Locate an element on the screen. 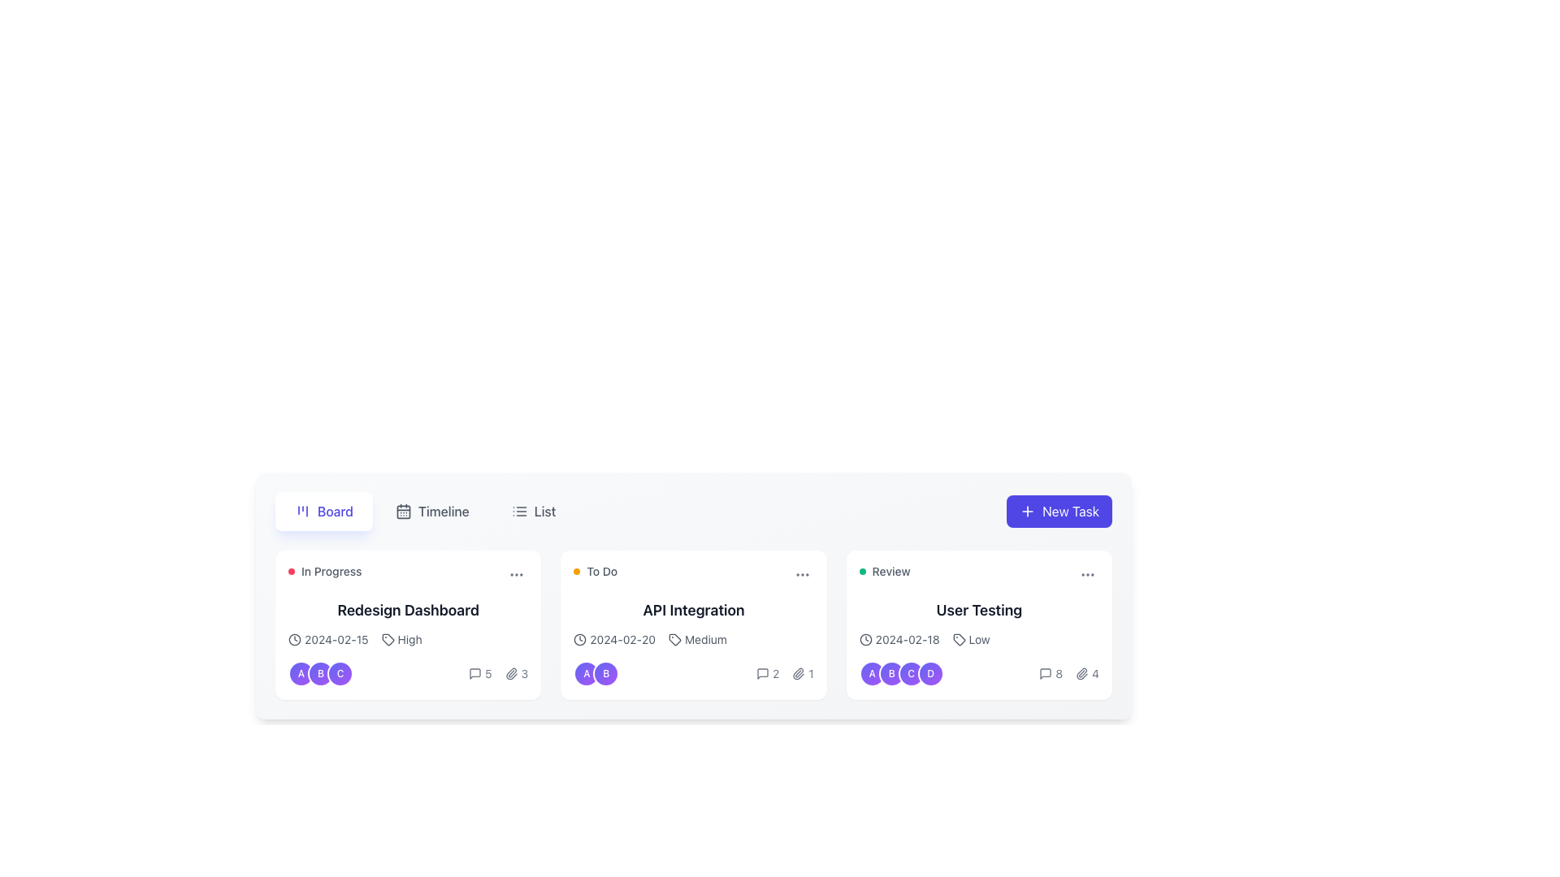 Image resolution: width=1560 pixels, height=877 pixels. the small tag-shaped icon next to the word 'Medium' in the task card titled 'API Integration' within the 'To Do' column is located at coordinates (675, 638).